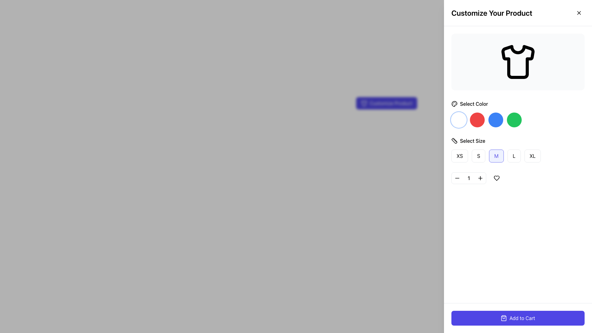  Describe the element at coordinates (474, 103) in the screenshot. I see `the Text label that guides users to pick a color option, located in the right side panel under the T-shirt icon and next to the paint palette icon` at that location.